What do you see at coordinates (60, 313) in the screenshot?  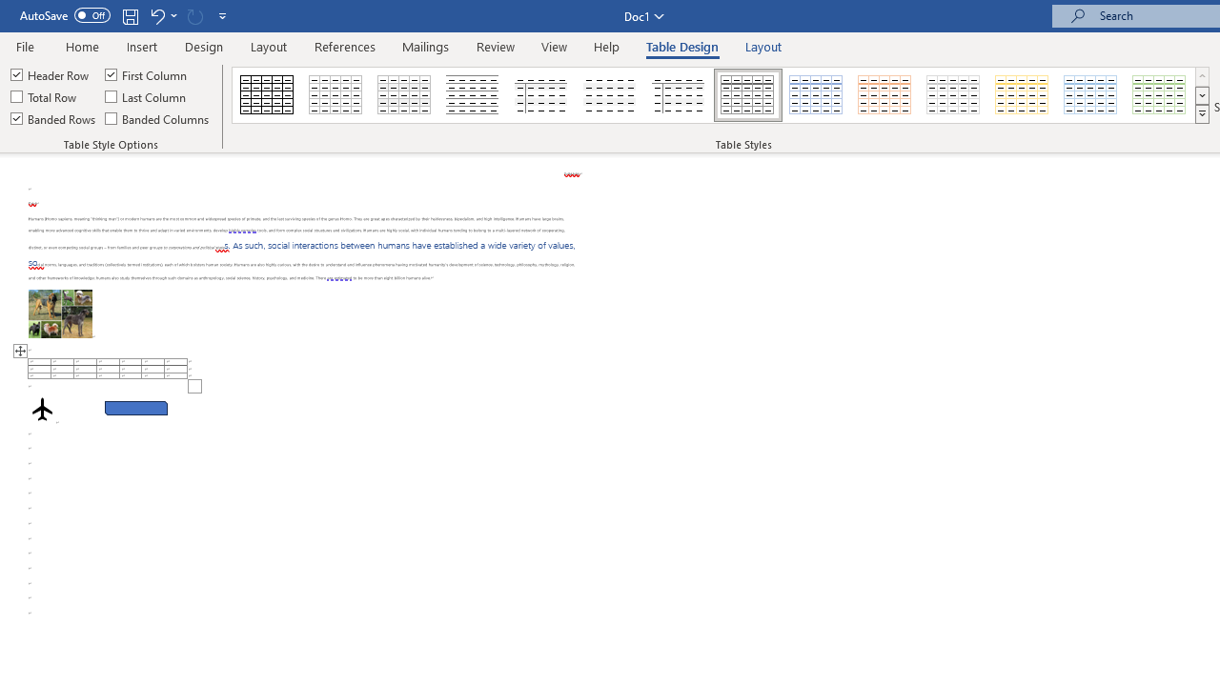 I see `'Morphological variation in six dogs'` at bounding box center [60, 313].